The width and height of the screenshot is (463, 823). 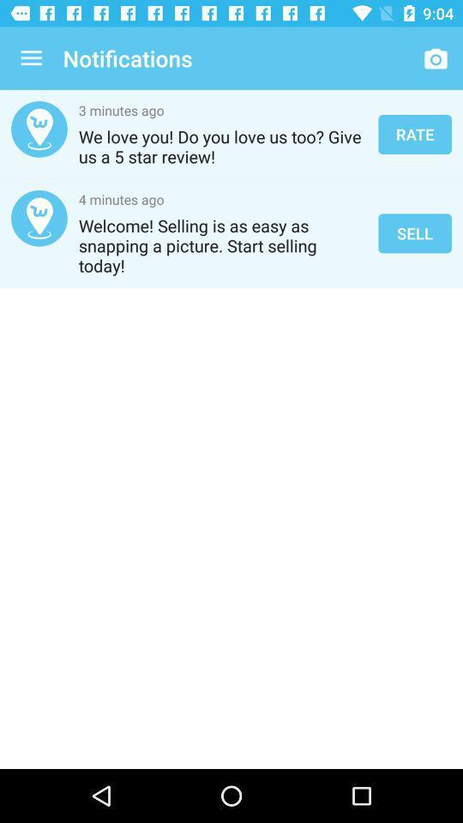 I want to click on item below the welcome selling is item, so click(x=231, y=372).